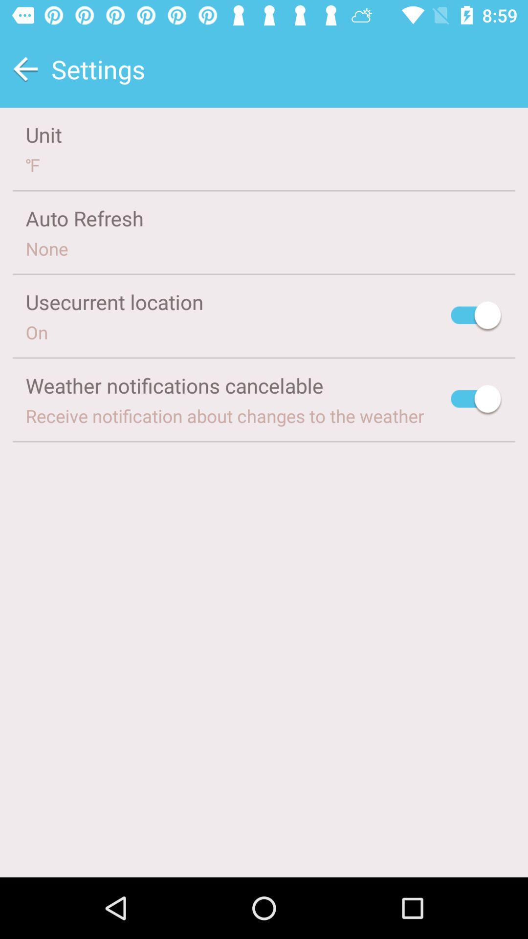 The image size is (528, 939). Describe the element at coordinates (476, 401) in the screenshot. I see `turn off notifications` at that location.